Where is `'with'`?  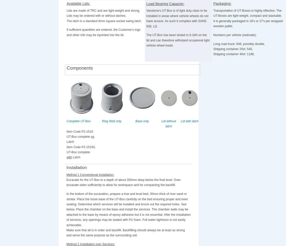 'with' is located at coordinates (66, 157).